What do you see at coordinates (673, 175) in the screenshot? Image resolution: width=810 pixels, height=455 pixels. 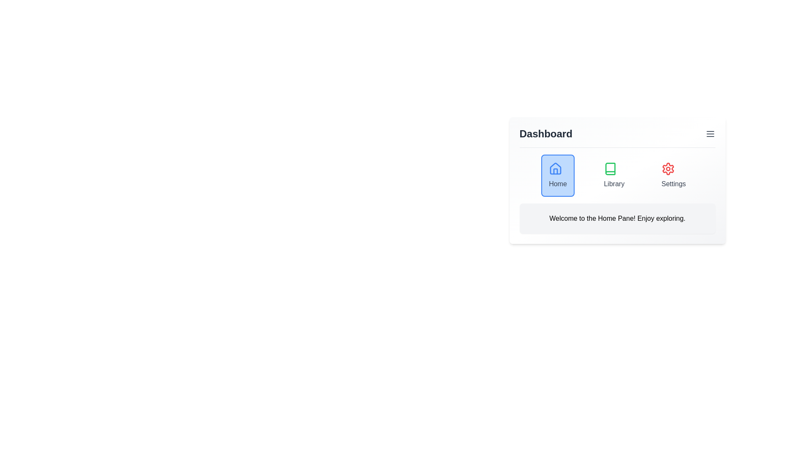 I see `the 'Settings' button, which is the third button in a horizontal row, located to the right of the 'Library' button` at bounding box center [673, 175].